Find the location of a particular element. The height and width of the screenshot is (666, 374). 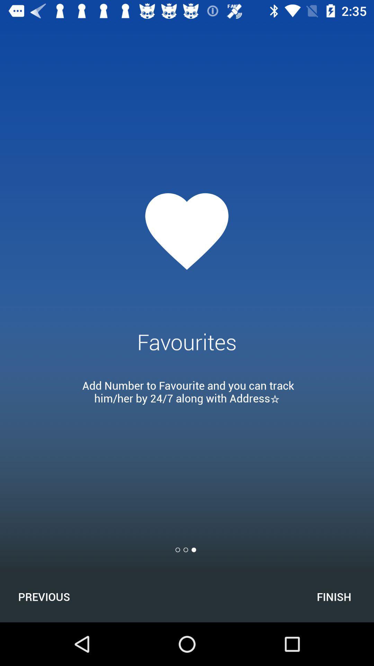

previous is located at coordinates (44, 596).